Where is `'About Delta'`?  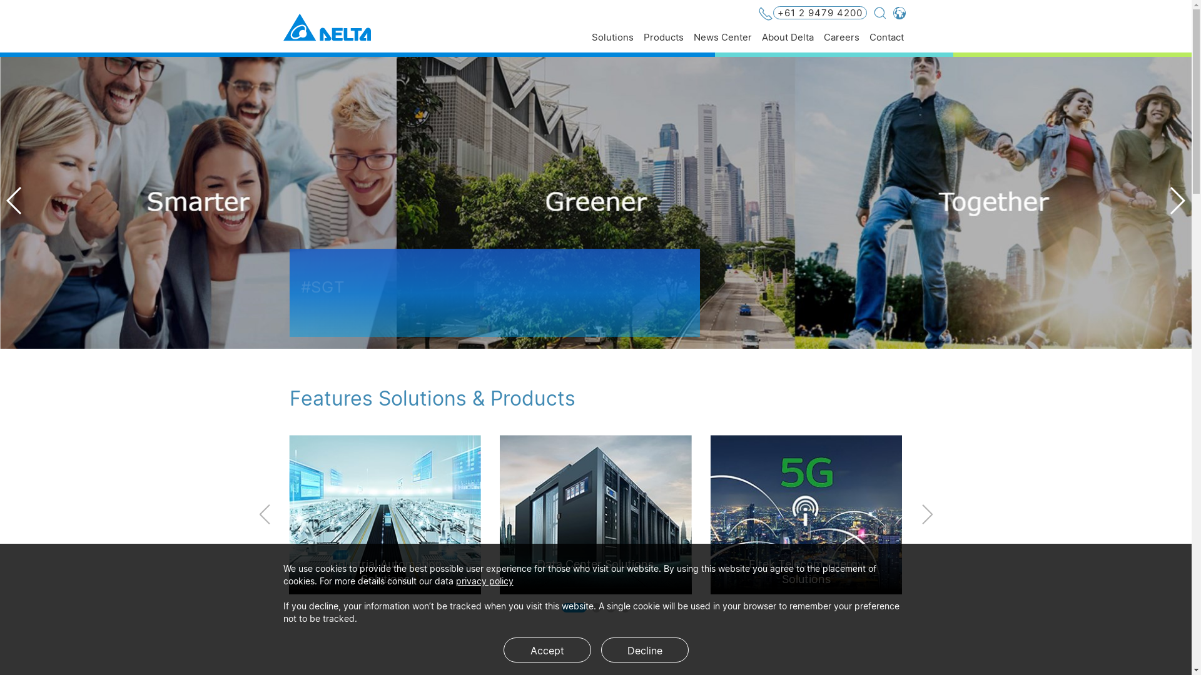 'About Delta' is located at coordinates (787, 42).